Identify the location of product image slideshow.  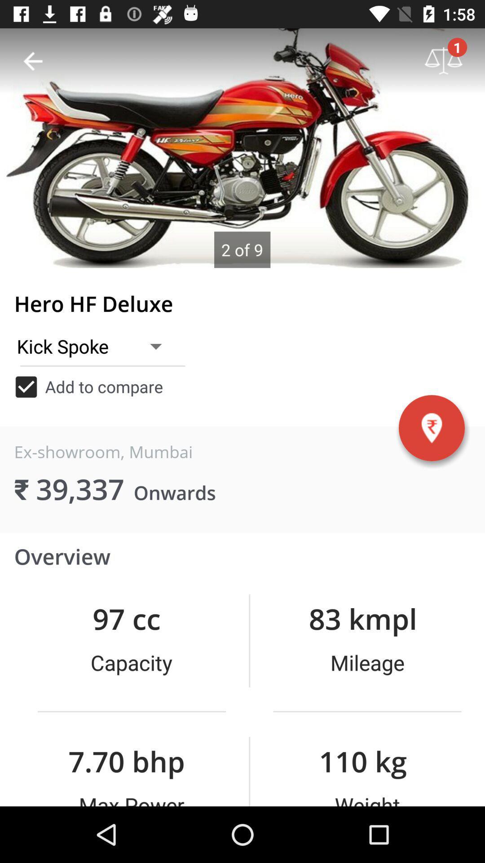
(242, 148).